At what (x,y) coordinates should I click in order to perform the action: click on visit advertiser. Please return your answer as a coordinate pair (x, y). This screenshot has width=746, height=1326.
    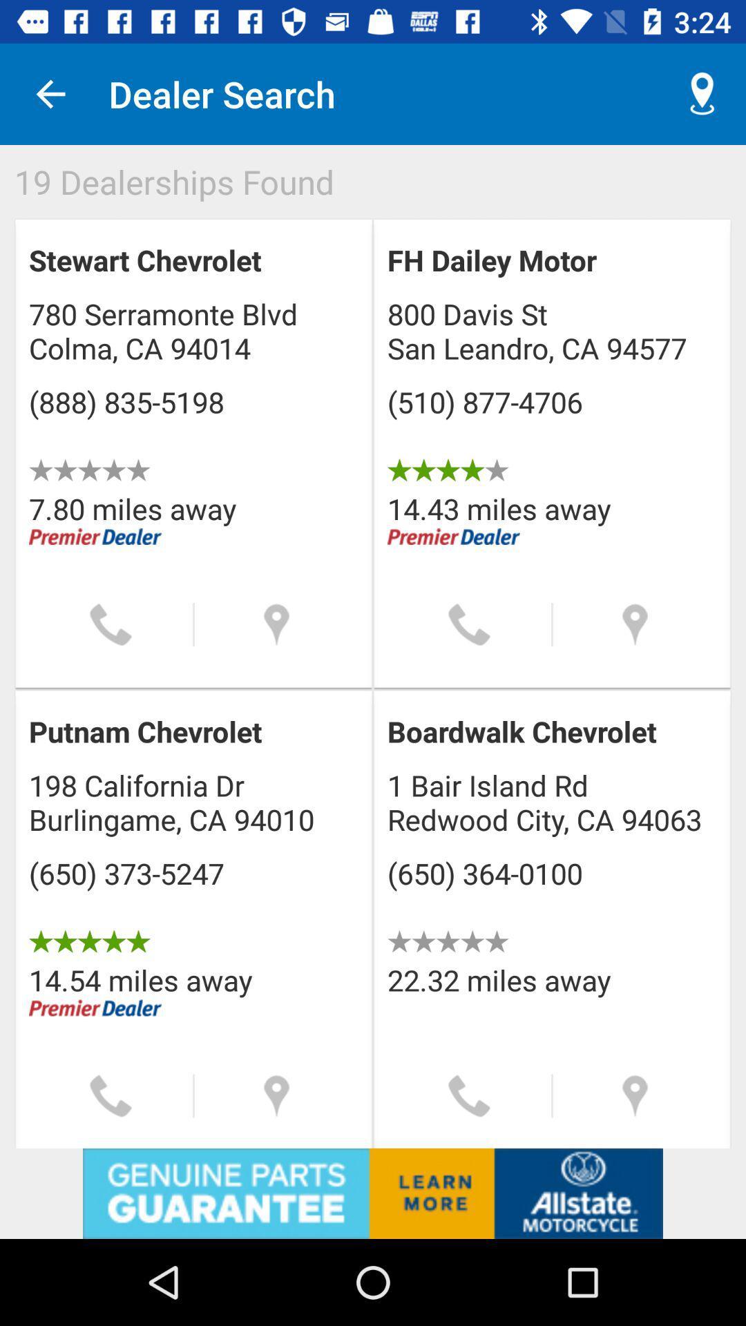
    Looking at the image, I should click on (373, 1193).